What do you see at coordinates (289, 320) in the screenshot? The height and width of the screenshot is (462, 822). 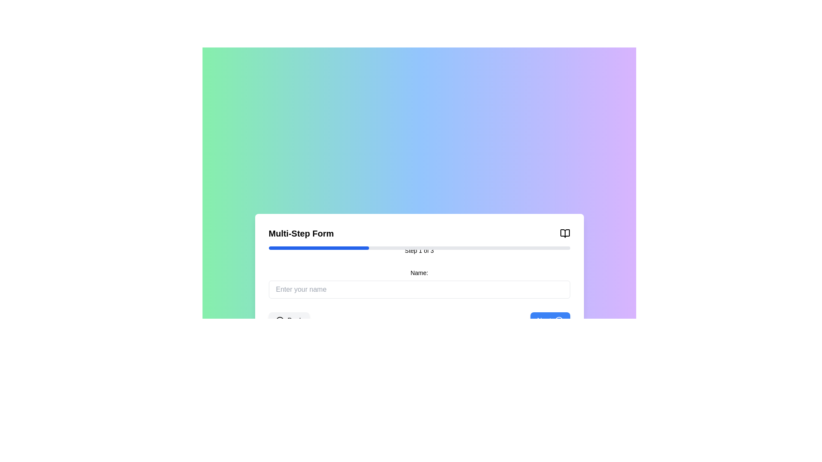 I see `the back navigation button located at the bottom-left corner of the form interface` at bounding box center [289, 320].